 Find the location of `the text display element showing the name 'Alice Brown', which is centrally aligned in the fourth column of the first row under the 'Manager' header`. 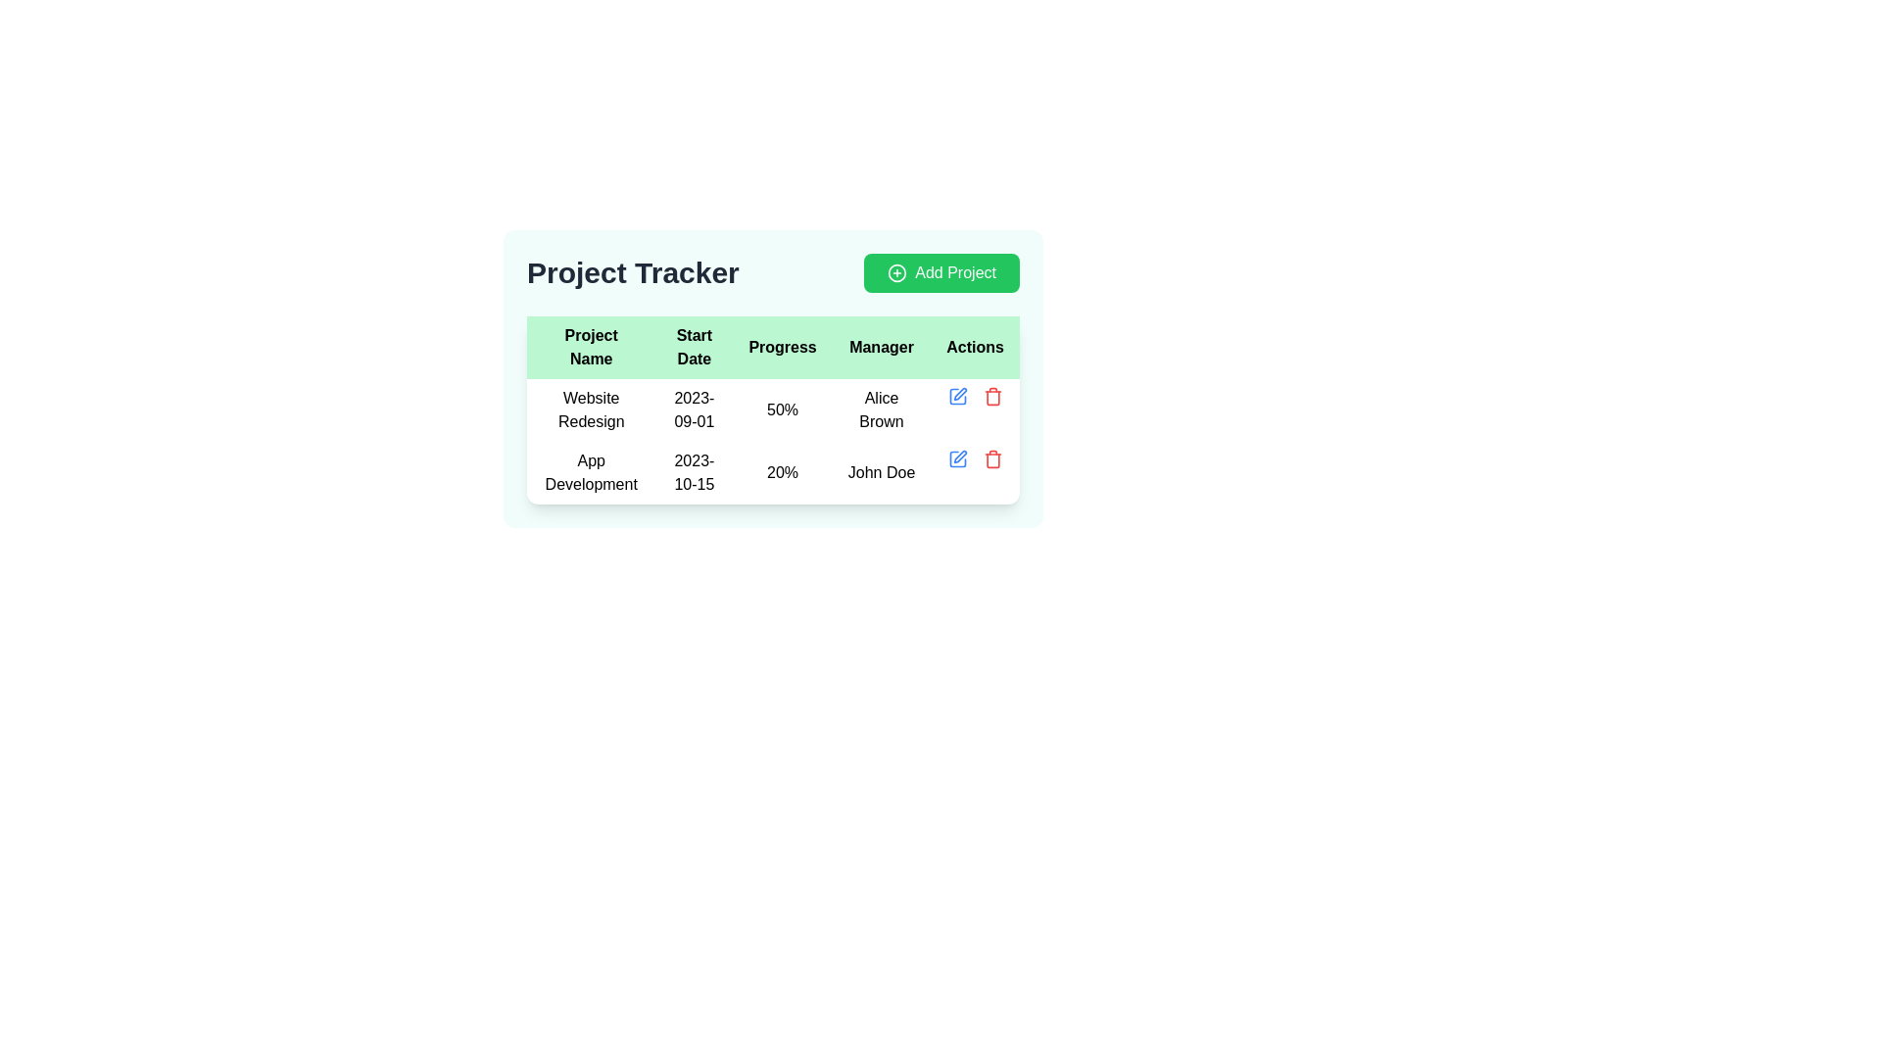

the text display element showing the name 'Alice Brown', which is centrally aligned in the fourth column of the first row under the 'Manager' header is located at coordinates (881, 409).